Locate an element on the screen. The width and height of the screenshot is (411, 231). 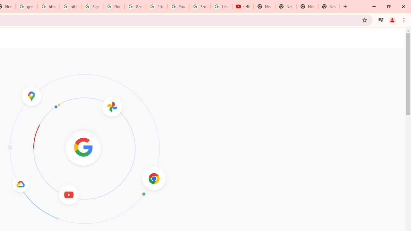
'https://scholar.google.com/' is located at coordinates (48, 6).